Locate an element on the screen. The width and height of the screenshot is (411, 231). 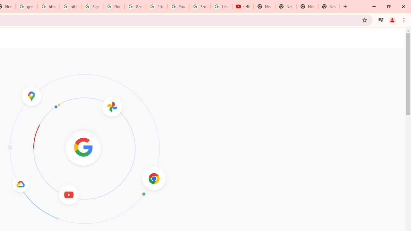
'https://scholar.google.com/' is located at coordinates (48, 6).